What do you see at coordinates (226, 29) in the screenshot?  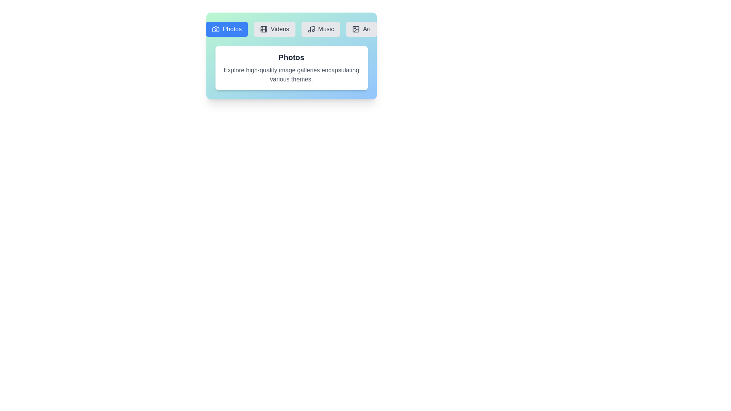 I see `the Photos tab` at bounding box center [226, 29].